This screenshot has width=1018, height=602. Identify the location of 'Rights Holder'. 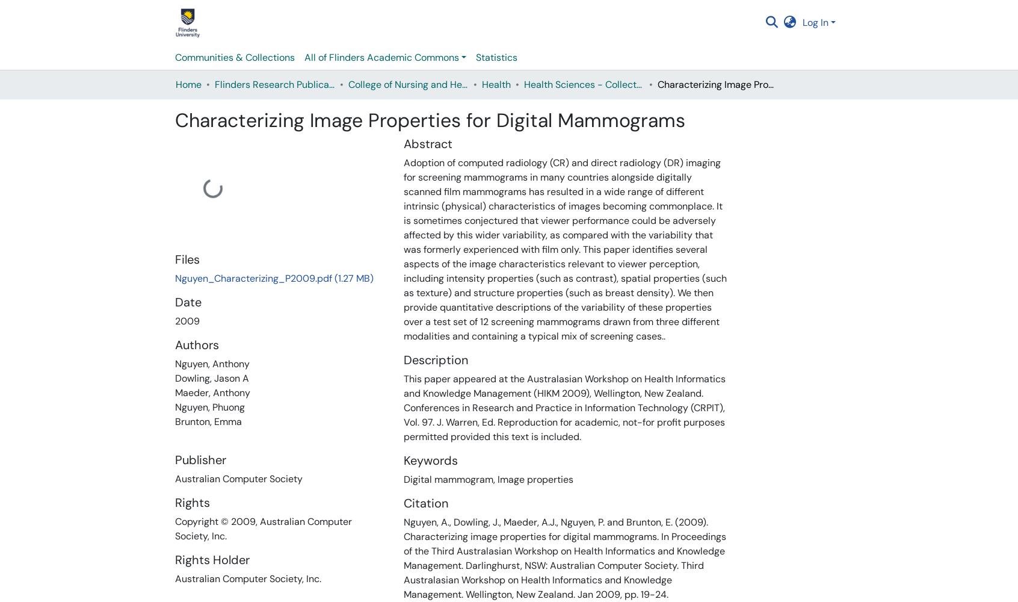
(211, 560).